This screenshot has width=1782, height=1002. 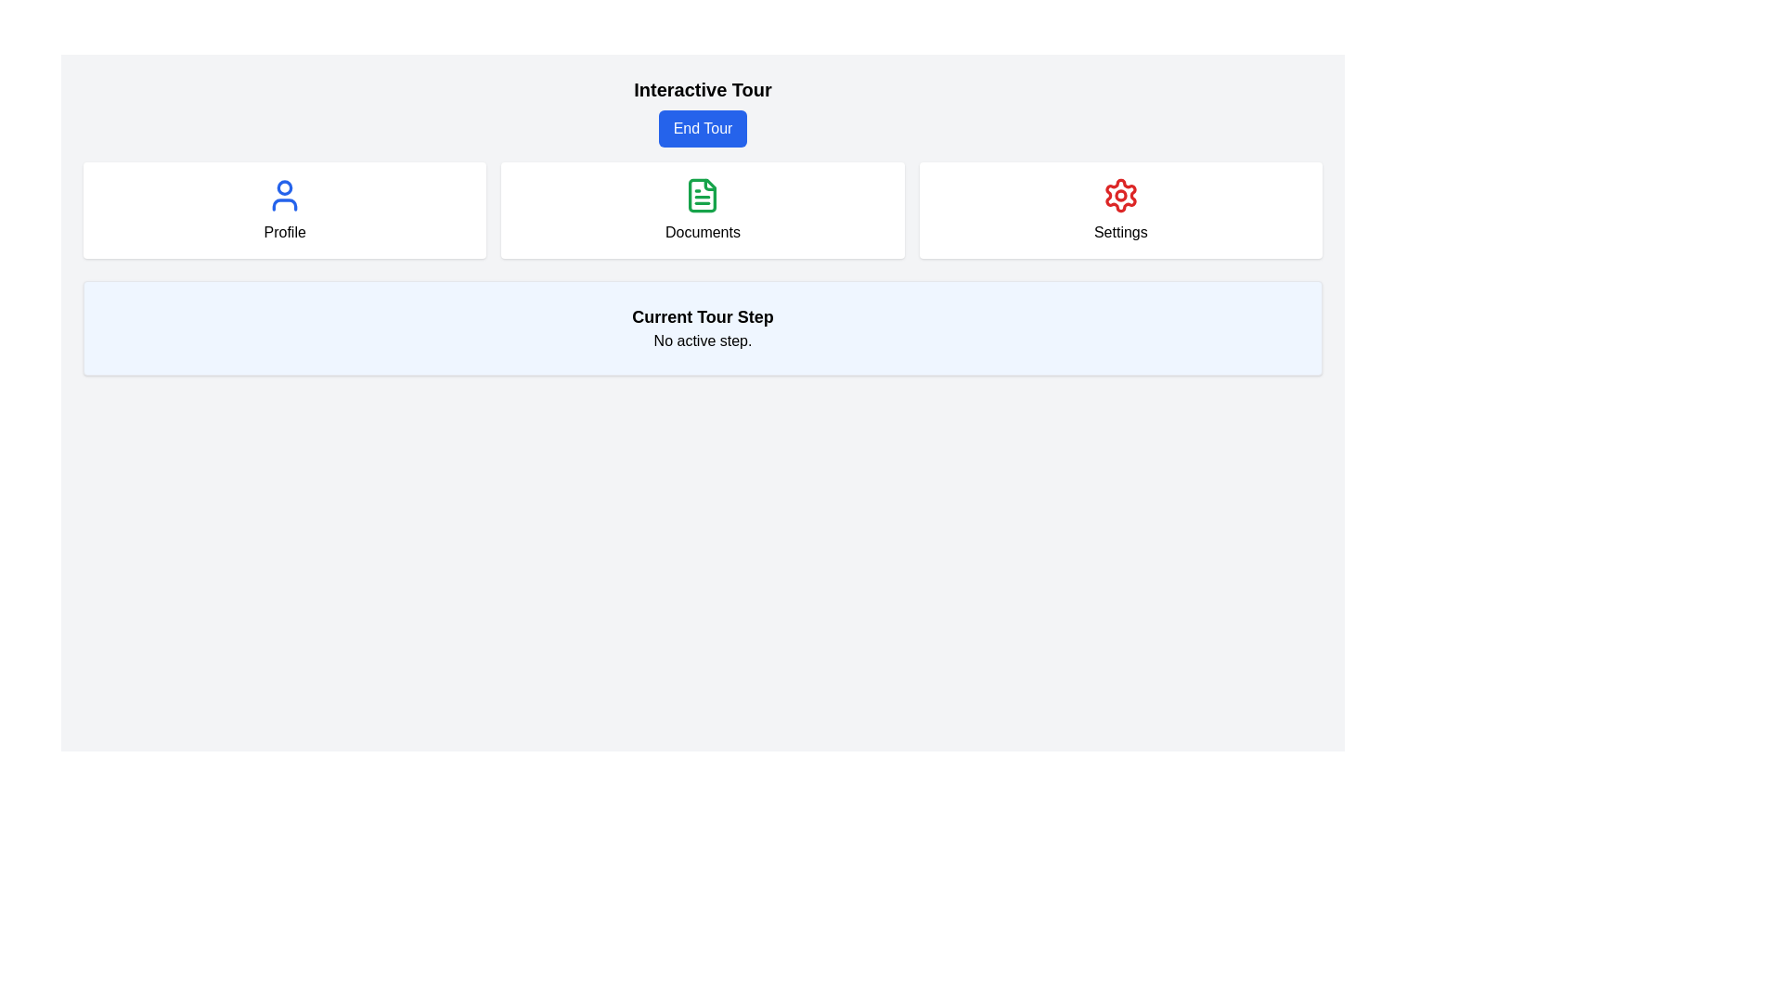 What do you see at coordinates (702, 196) in the screenshot?
I see `the document or file-related icon located in the top central region of the interface, which is the second icon from the left, between the 'Profile' and 'Settings' icons` at bounding box center [702, 196].